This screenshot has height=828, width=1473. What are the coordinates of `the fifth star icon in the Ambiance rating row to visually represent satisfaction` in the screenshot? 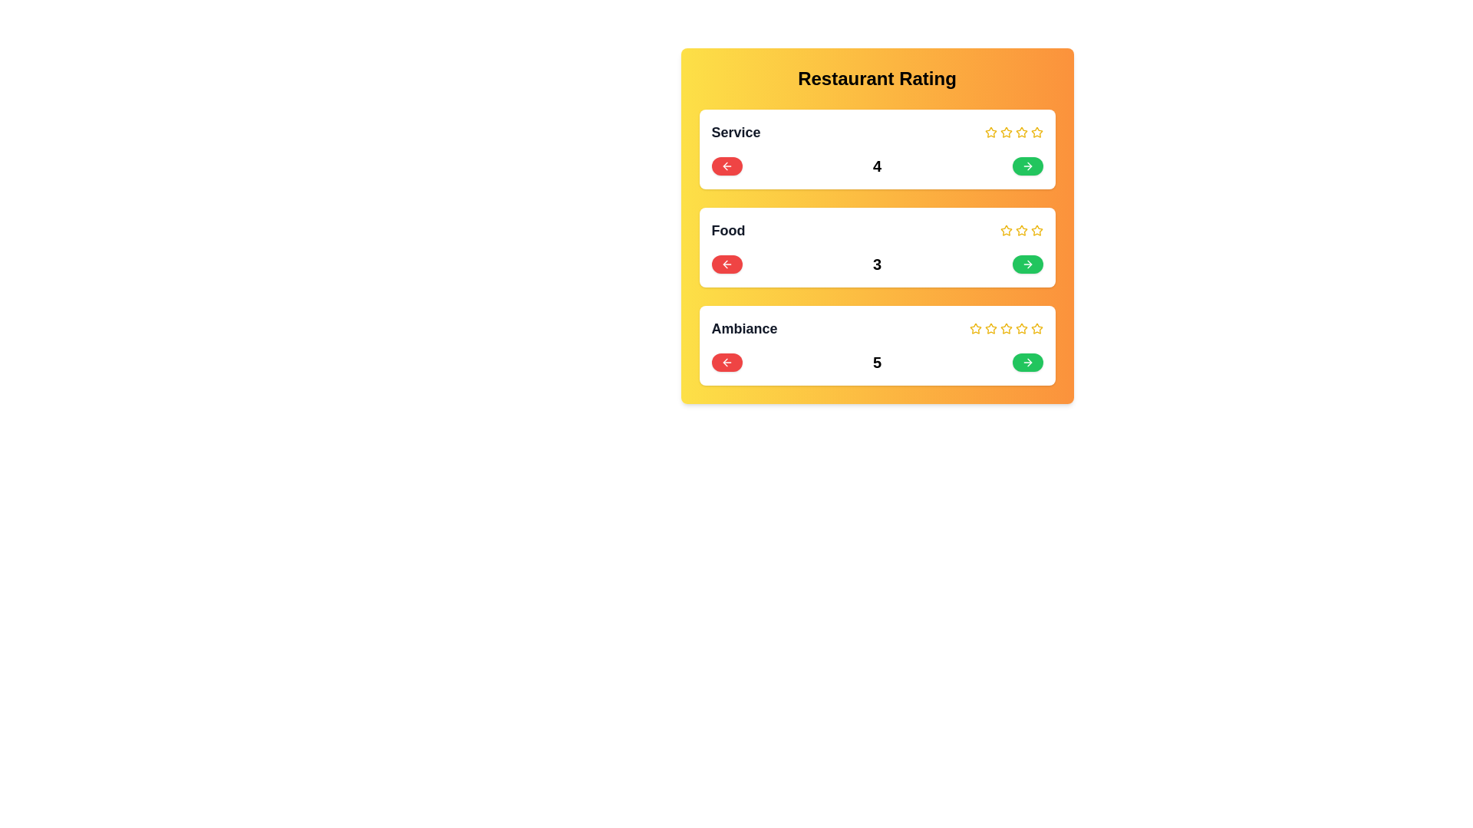 It's located at (1021, 327).